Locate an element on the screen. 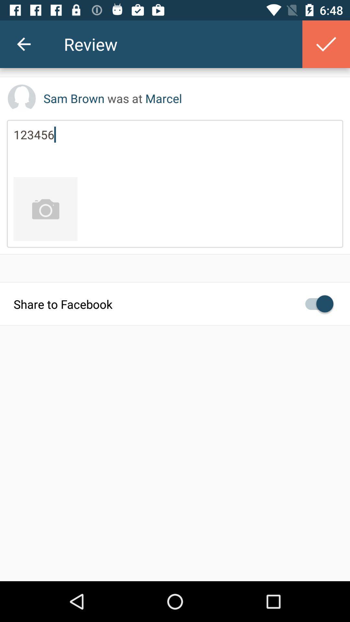  share to facebook icon is located at coordinates (175, 303).